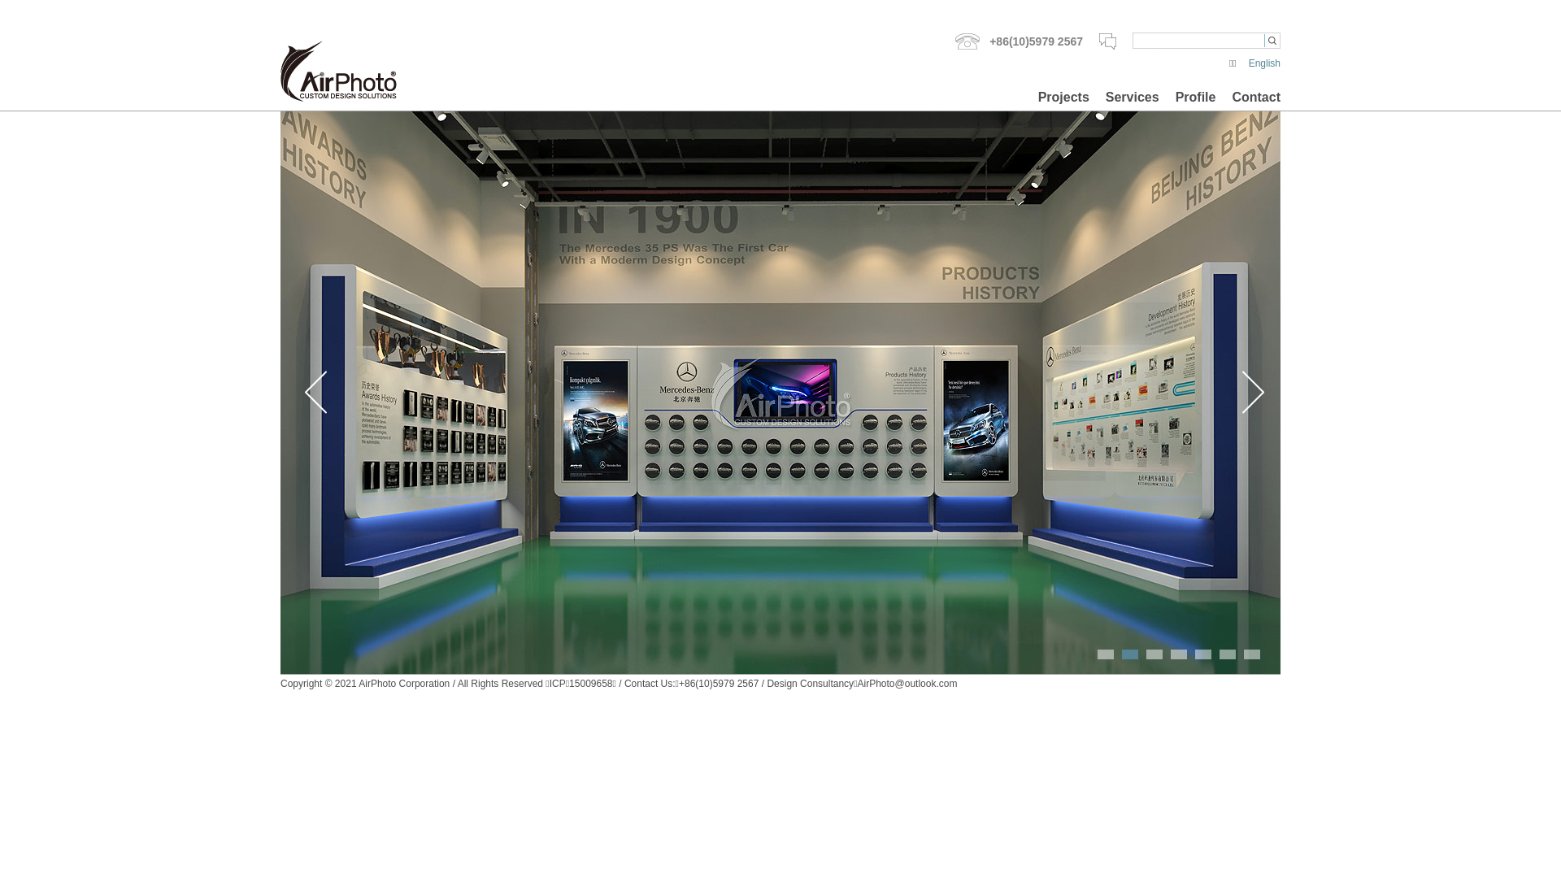 The image size is (1561, 878). I want to click on 'Contact', so click(1232, 97).